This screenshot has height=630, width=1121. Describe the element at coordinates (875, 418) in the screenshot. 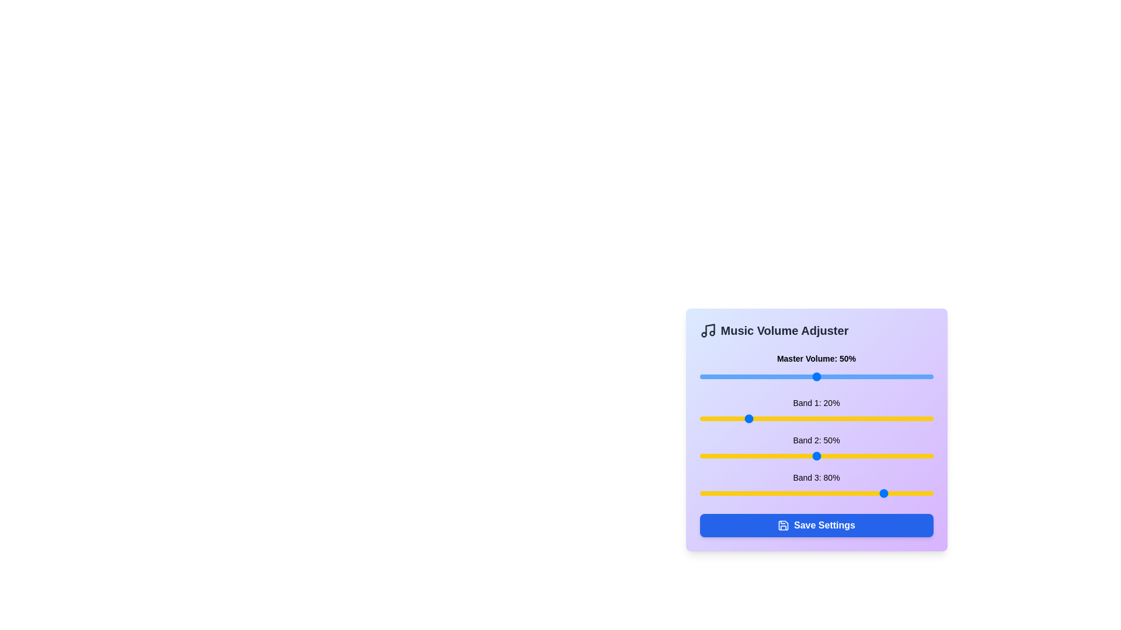

I see `Band 1` at that location.